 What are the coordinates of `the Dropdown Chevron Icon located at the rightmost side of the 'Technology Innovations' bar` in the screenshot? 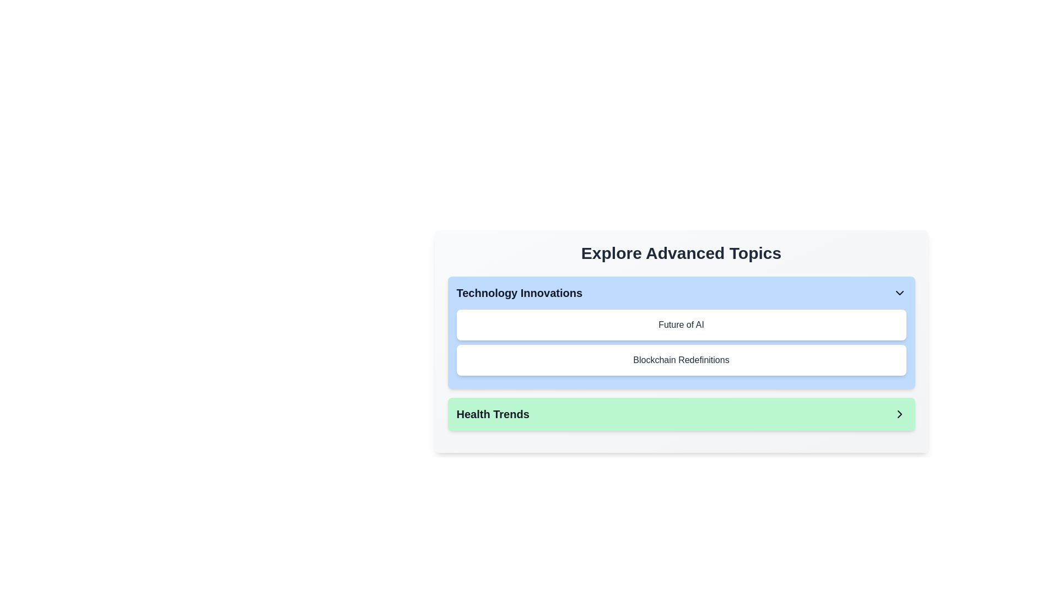 It's located at (899, 293).